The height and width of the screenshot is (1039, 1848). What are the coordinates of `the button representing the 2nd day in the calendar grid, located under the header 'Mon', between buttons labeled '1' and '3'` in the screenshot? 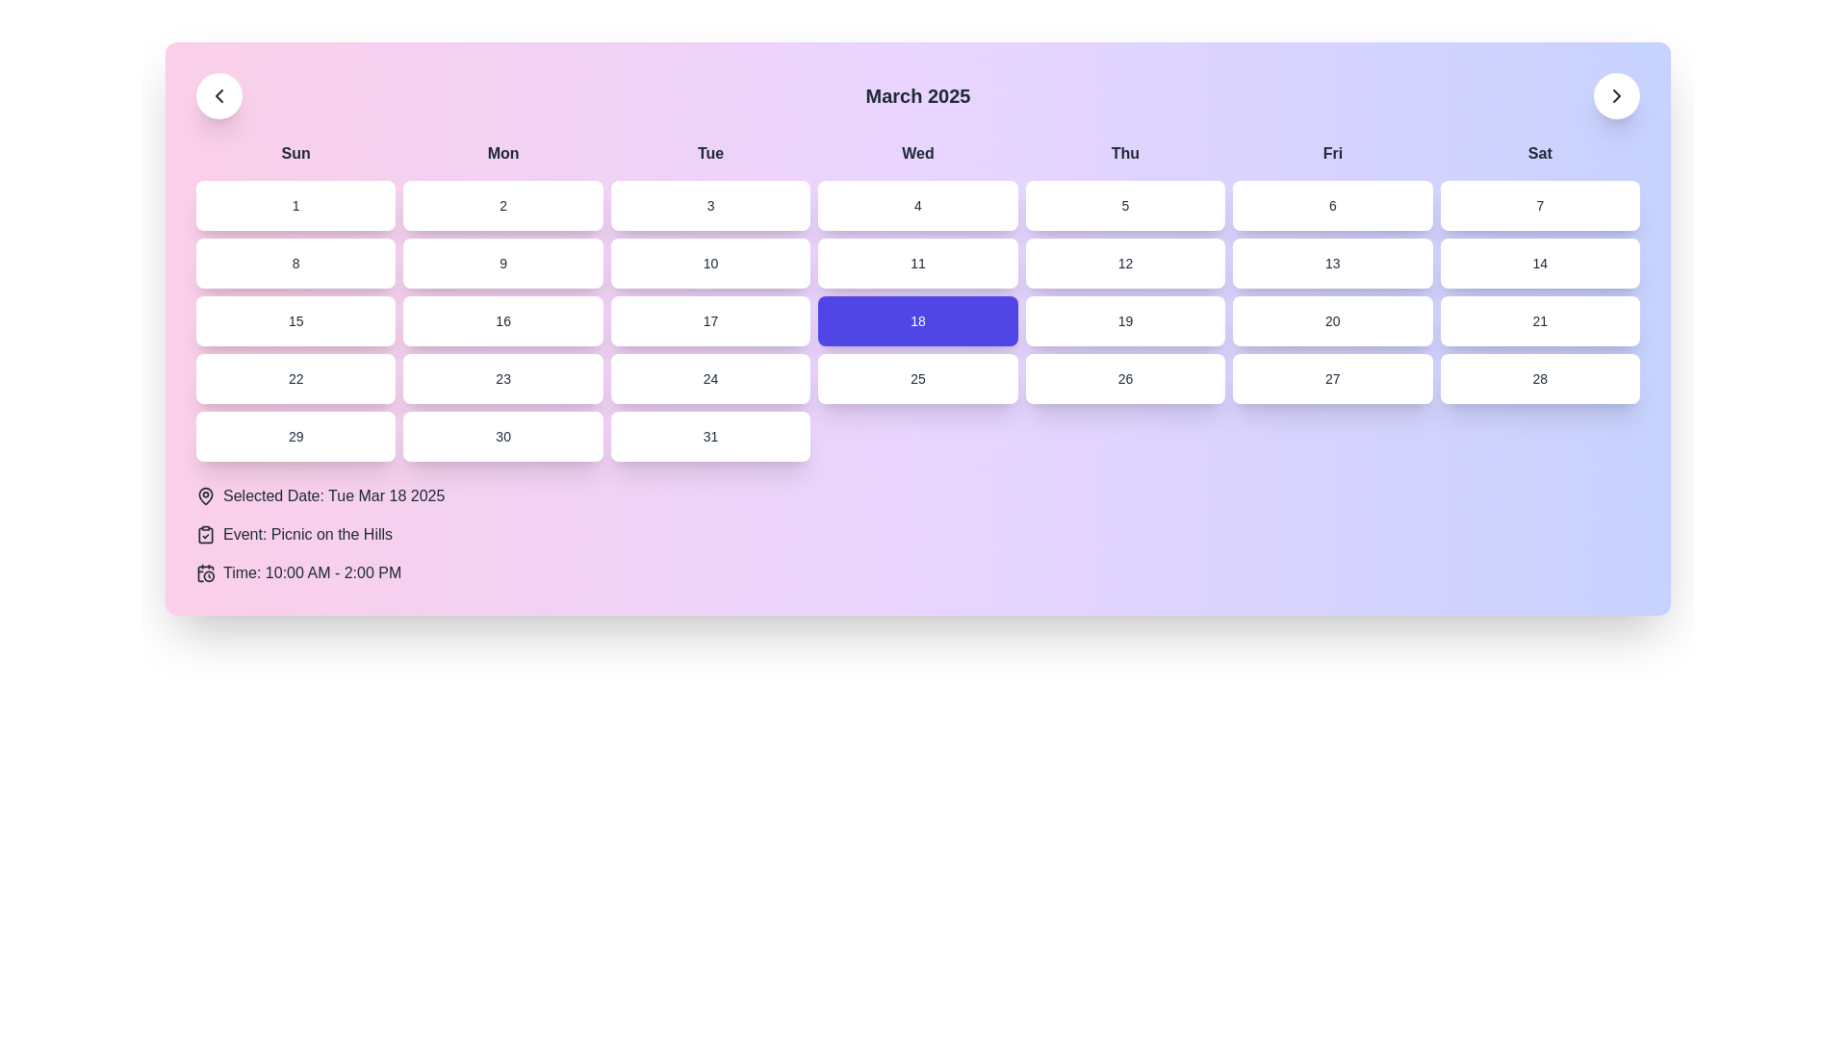 It's located at (503, 205).